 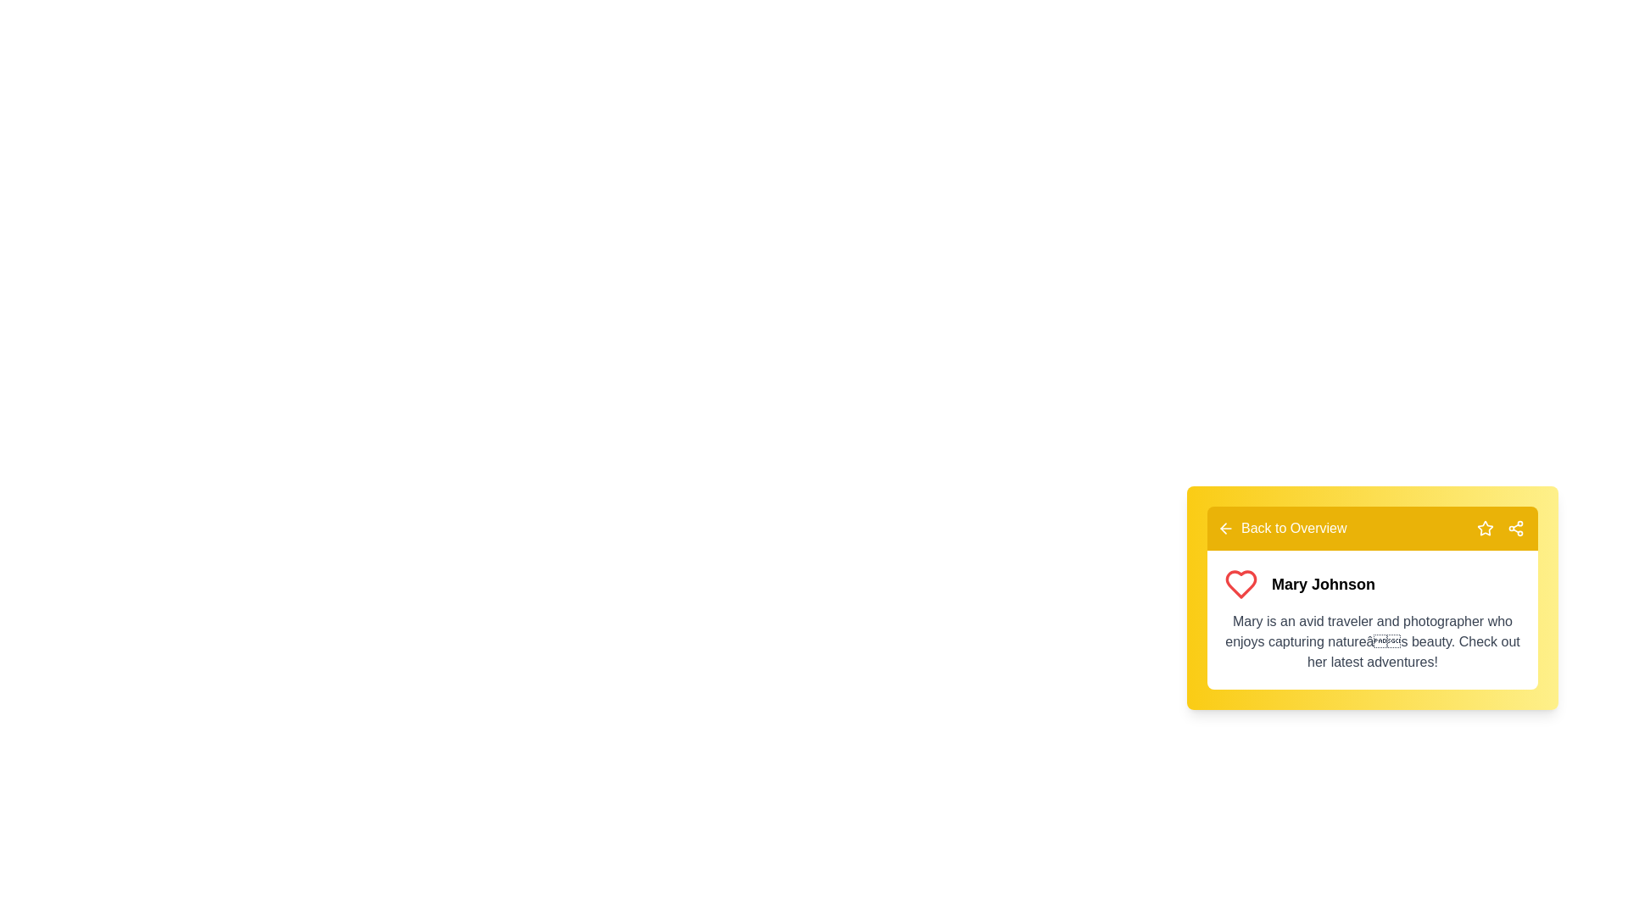 I want to click on the navigation Text label located in the yellow header bar of the card, which is positioned centrally next to a left-pointing arrow icon, so click(x=1293, y=528).